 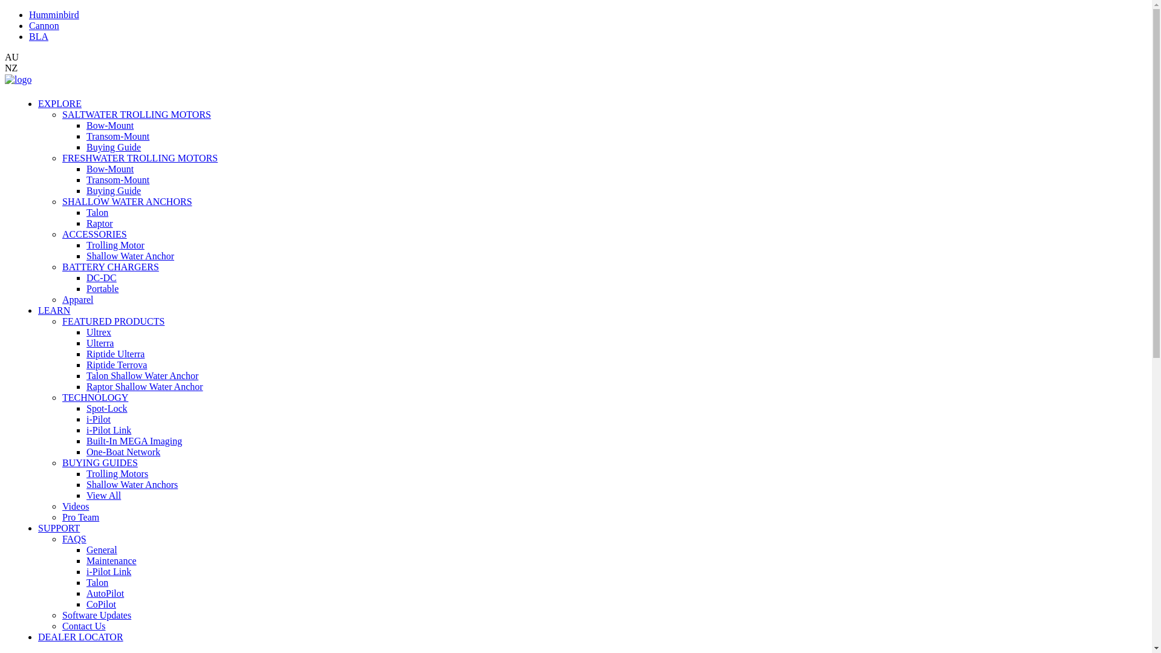 I want to click on 'Riptide Terrova', so click(x=116, y=364).